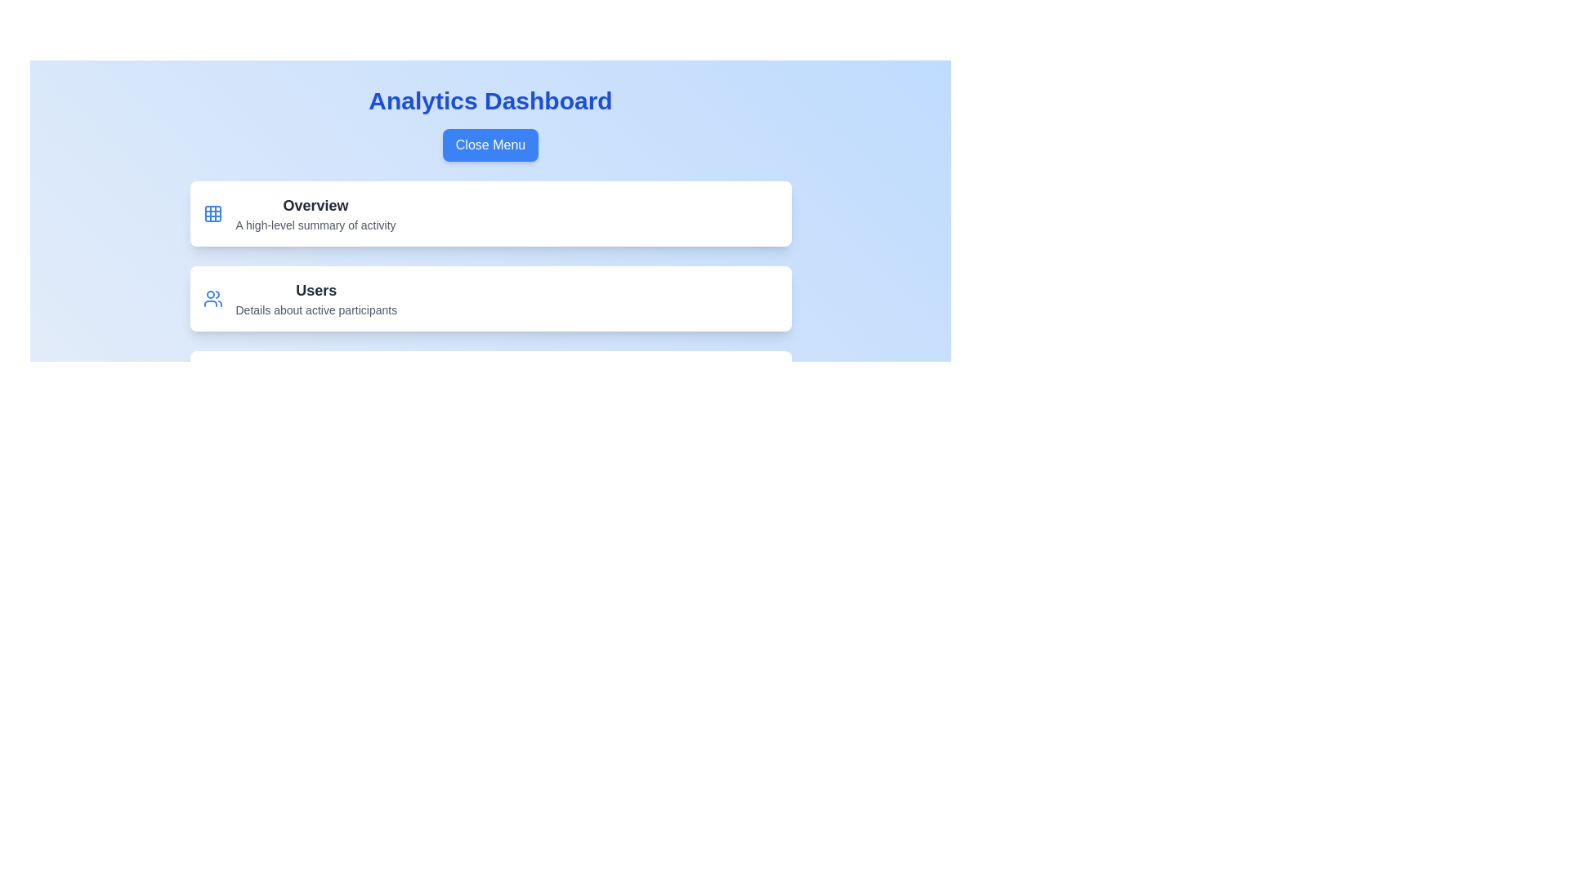 The image size is (1569, 882). What do you see at coordinates (315, 204) in the screenshot?
I see `the menu item labeled 'Overview'` at bounding box center [315, 204].